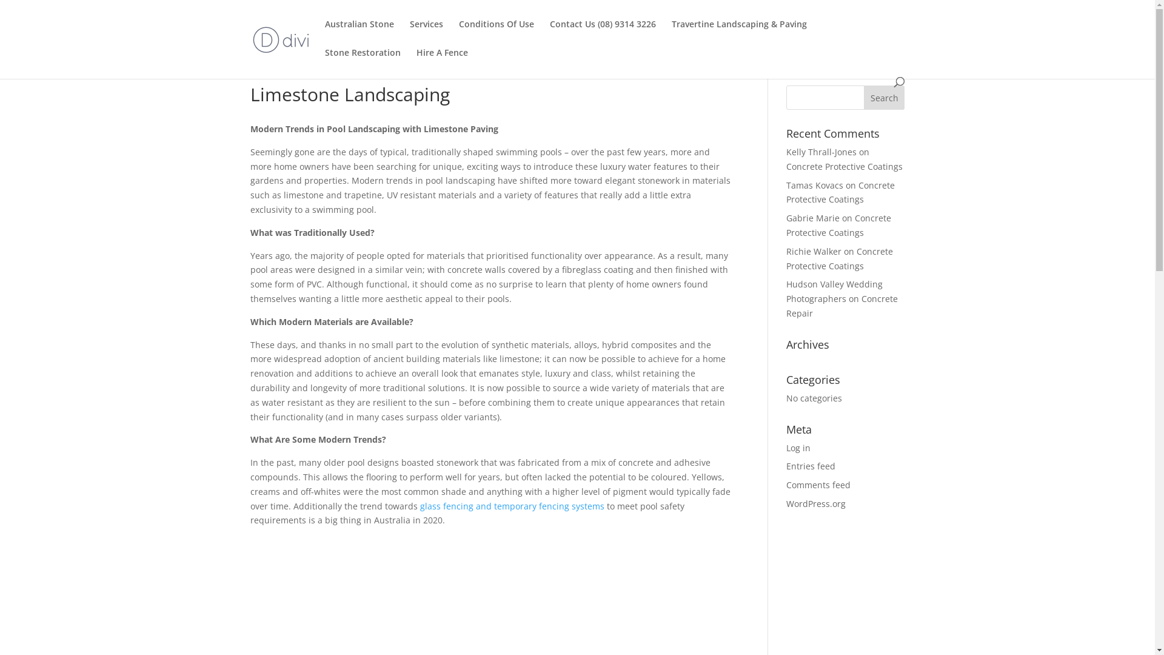 This screenshot has height=655, width=1164. Describe the element at coordinates (798, 448) in the screenshot. I see `'Log in'` at that location.